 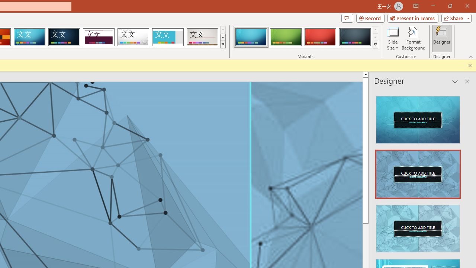 What do you see at coordinates (167, 37) in the screenshot?
I see `'Frame'` at bounding box center [167, 37].